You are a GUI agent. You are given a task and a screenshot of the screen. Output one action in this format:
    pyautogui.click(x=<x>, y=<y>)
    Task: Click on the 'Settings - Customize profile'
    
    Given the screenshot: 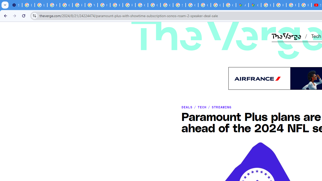 What is the action you would take?
    pyautogui.click(x=16, y=5)
    